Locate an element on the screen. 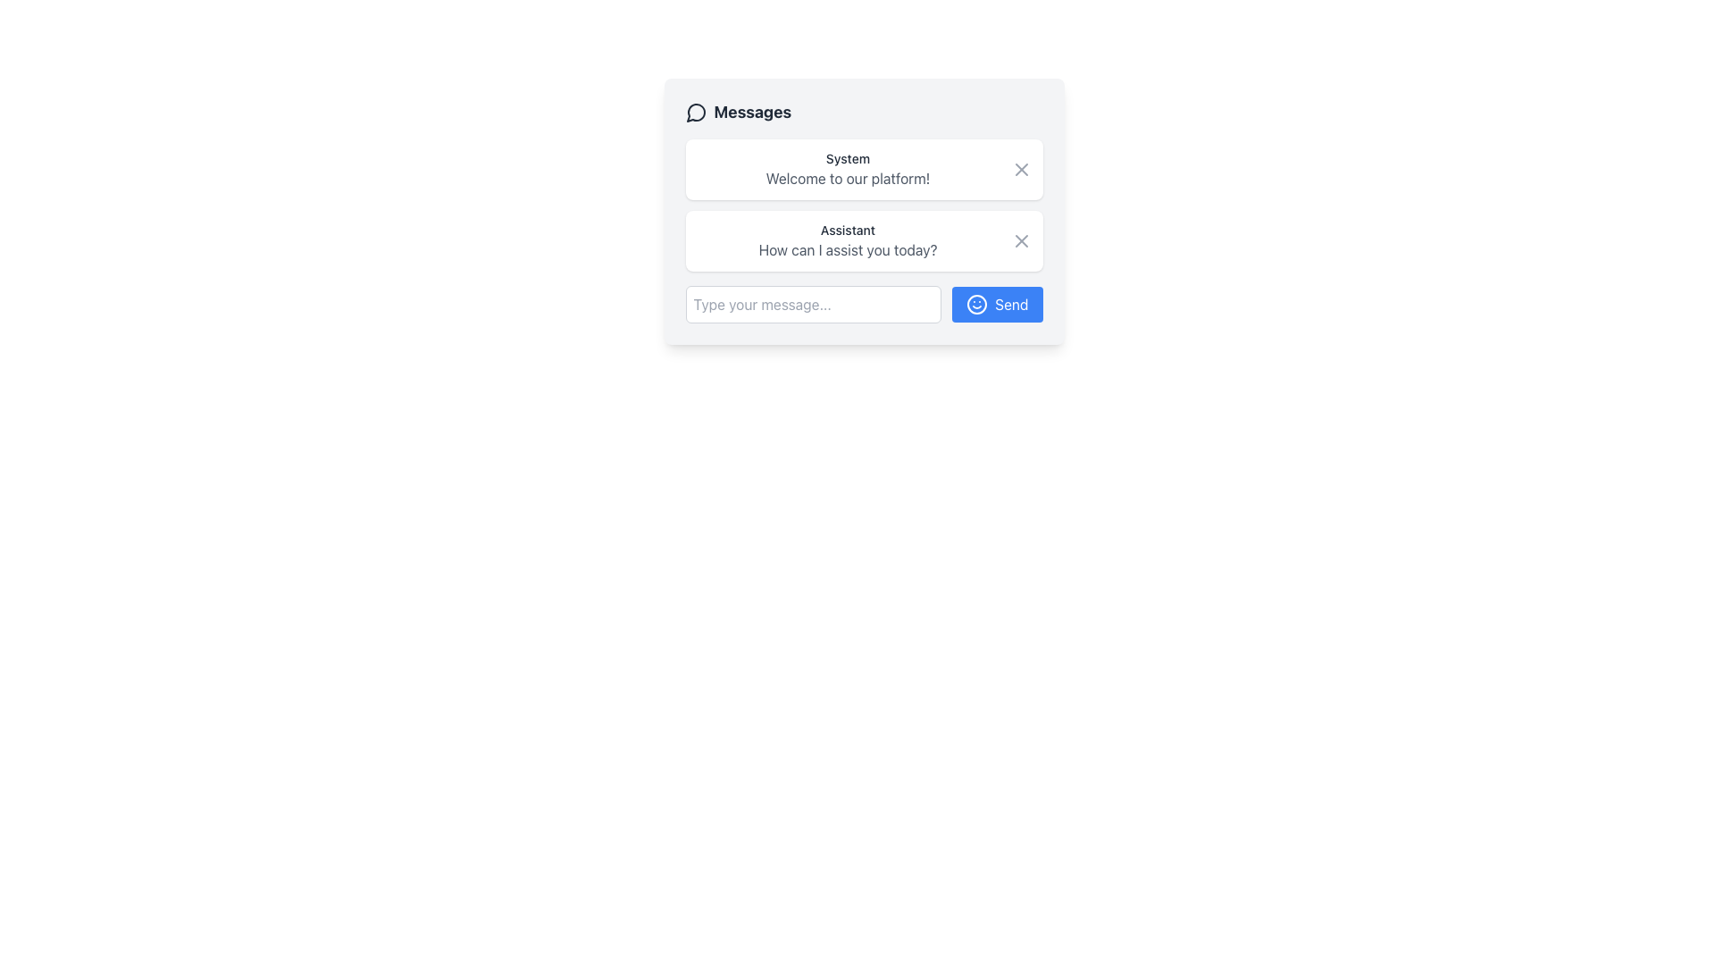 The image size is (1715, 965). displayed text in the Message card or notification box that welcomes users to the platform, positioned above the Assistant message box is located at coordinates (864, 169).